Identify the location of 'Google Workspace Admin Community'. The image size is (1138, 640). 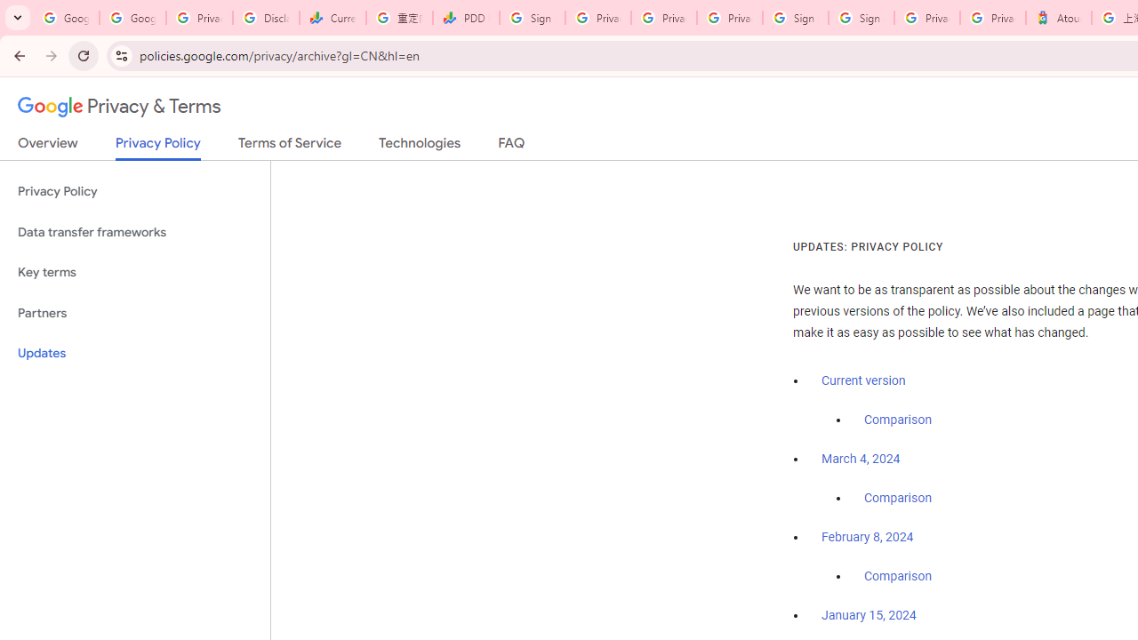
(66, 18).